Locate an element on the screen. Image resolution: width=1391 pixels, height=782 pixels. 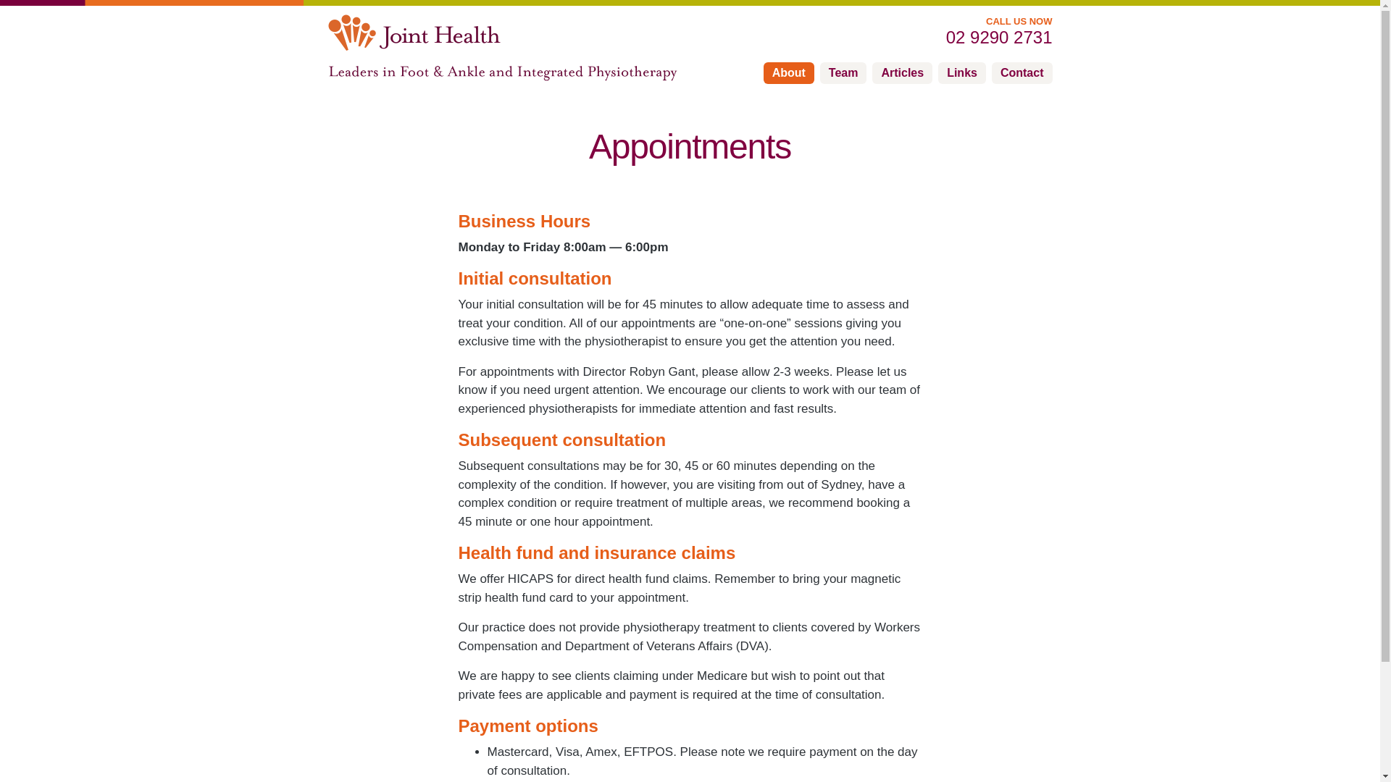
'Joint Health' is located at coordinates (413, 33).